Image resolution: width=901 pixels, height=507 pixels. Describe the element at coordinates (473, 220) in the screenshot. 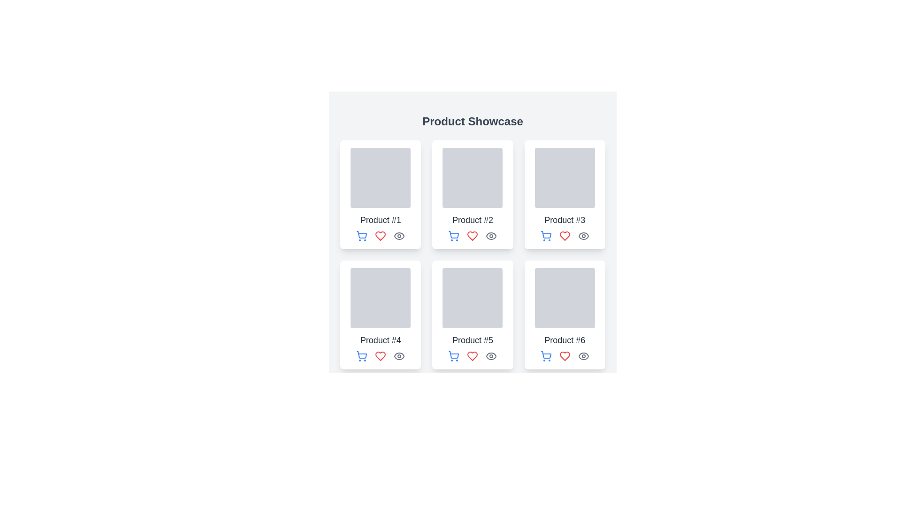

I see `the static label displaying 'Product #2', which is a medium-sized bold dark gray text located below the corresponding product image in the top row of the product grid` at that location.